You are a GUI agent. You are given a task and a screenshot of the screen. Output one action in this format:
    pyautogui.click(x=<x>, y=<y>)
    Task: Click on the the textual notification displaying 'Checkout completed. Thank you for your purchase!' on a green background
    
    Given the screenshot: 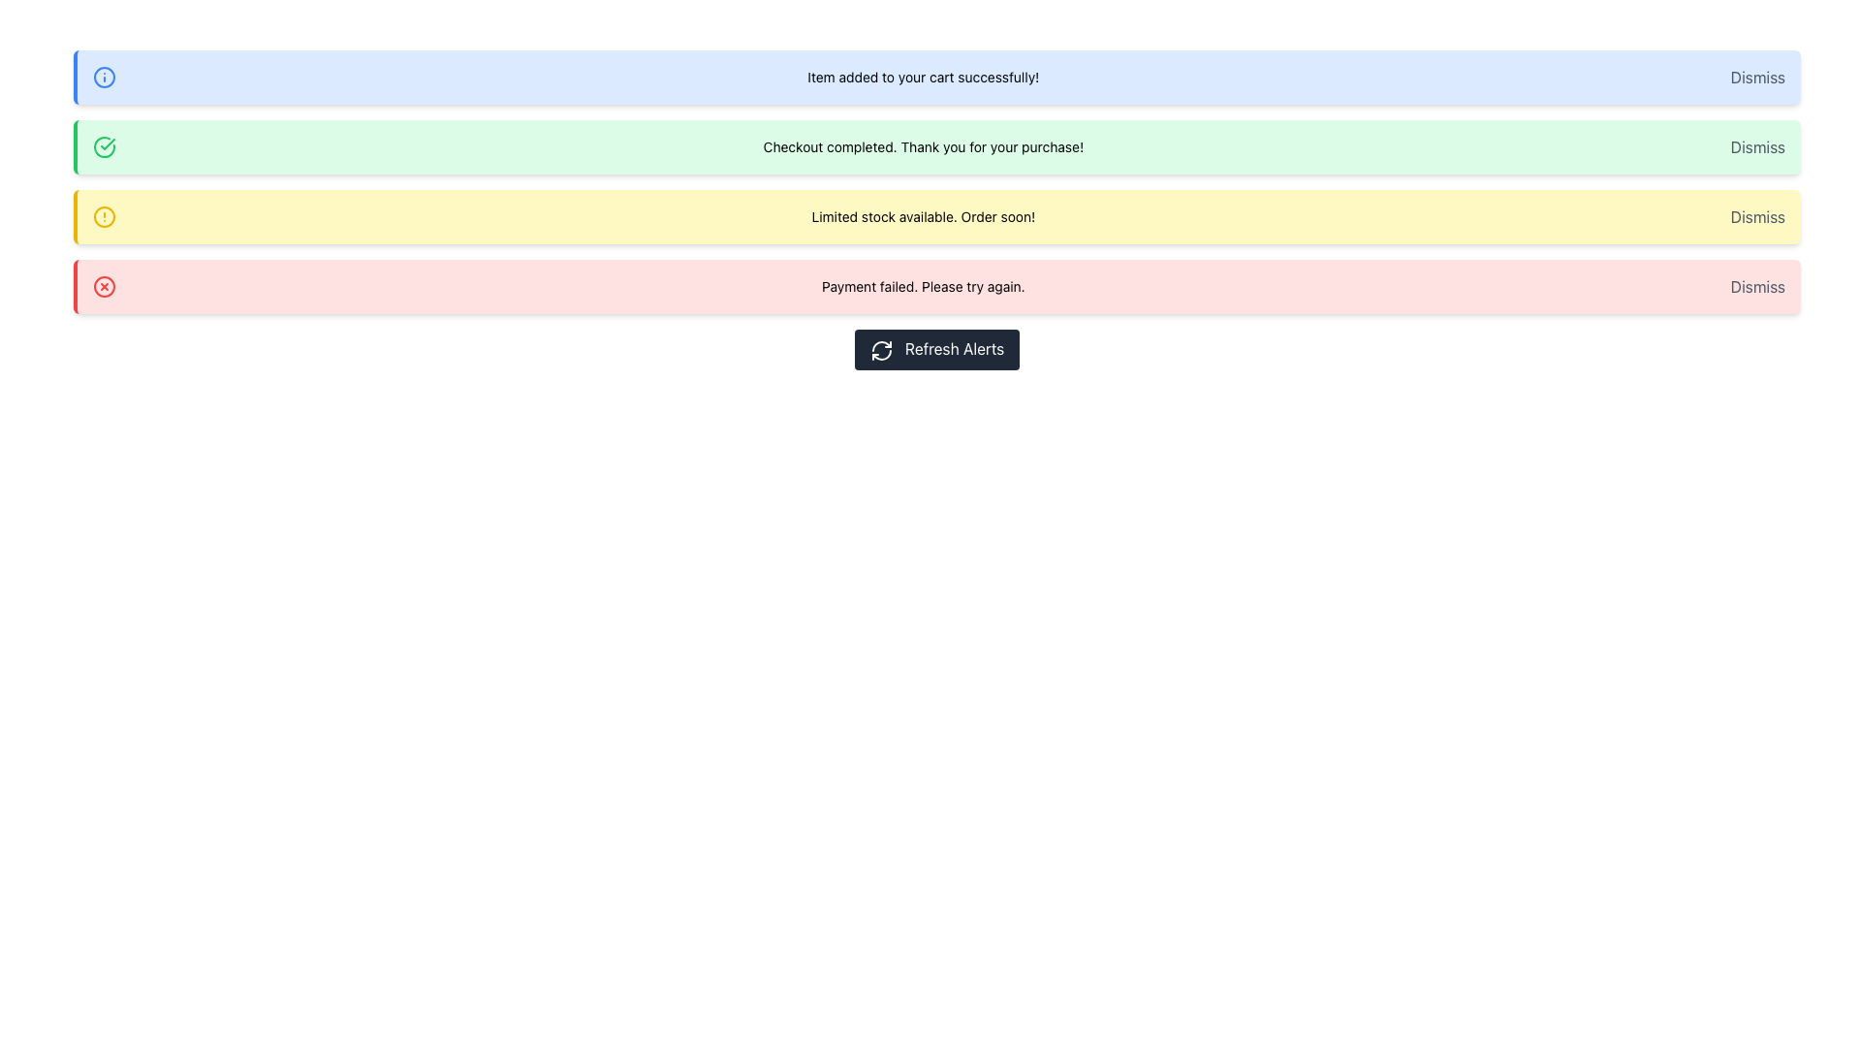 What is the action you would take?
    pyautogui.click(x=922, y=145)
    